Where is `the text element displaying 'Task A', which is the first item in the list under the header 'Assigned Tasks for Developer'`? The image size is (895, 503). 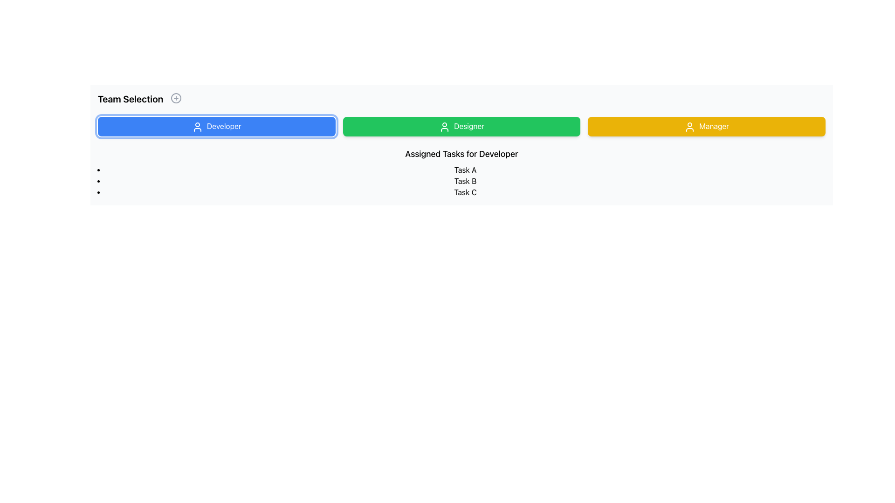 the text element displaying 'Task A', which is the first item in the list under the header 'Assigned Tasks for Developer' is located at coordinates (465, 170).